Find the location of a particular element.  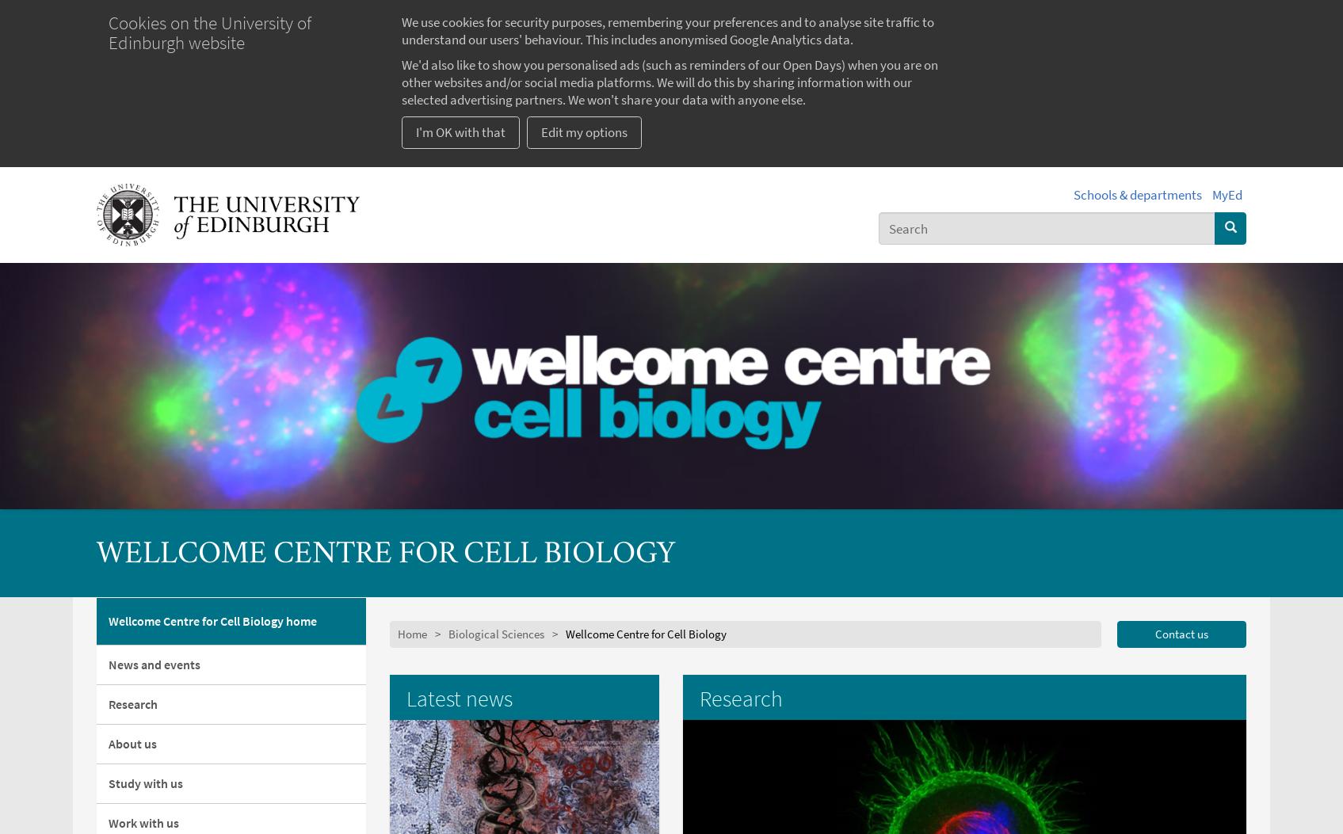

'Home' is located at coordinates (411, 634).